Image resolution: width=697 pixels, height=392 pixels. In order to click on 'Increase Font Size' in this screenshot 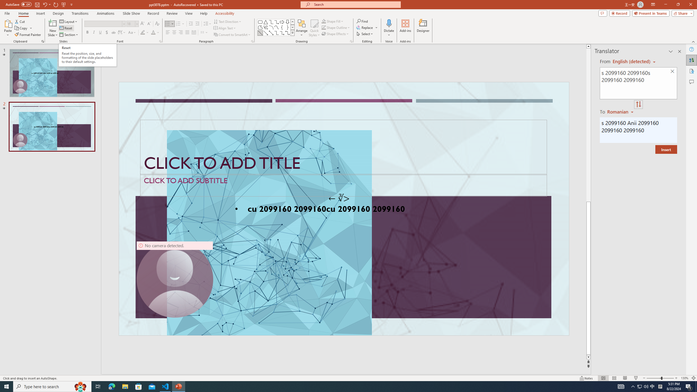, I will do `click(142, 24)`.